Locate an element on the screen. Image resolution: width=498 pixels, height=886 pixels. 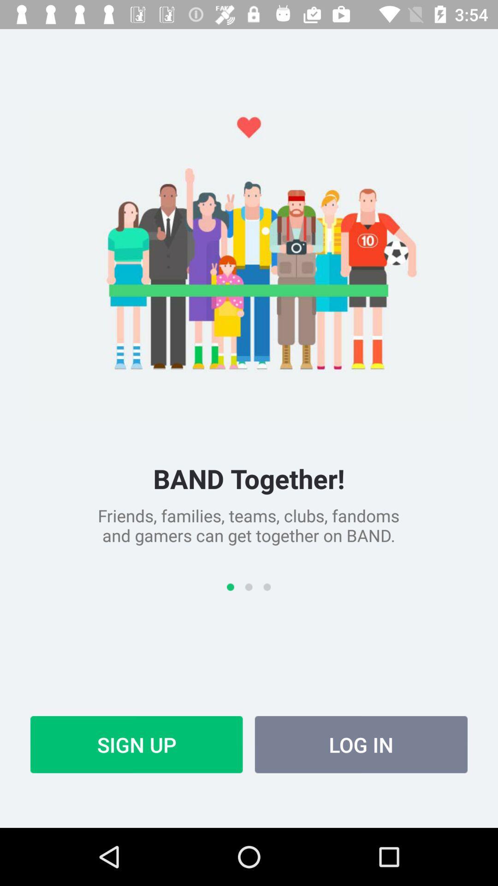
the log in icon is located at coordinates (361, 744).